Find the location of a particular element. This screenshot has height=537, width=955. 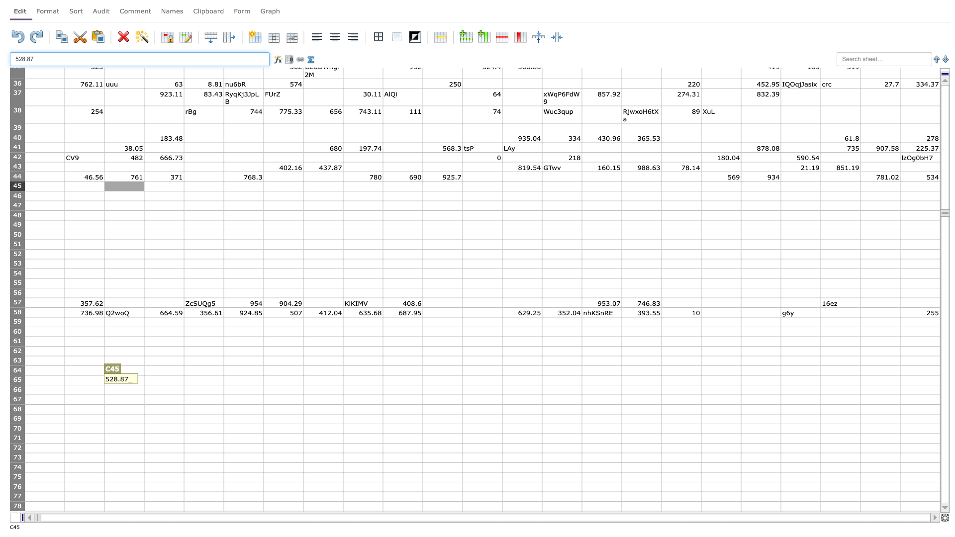

Fill handle of cell H-65 is located at coordinates (343, 384).